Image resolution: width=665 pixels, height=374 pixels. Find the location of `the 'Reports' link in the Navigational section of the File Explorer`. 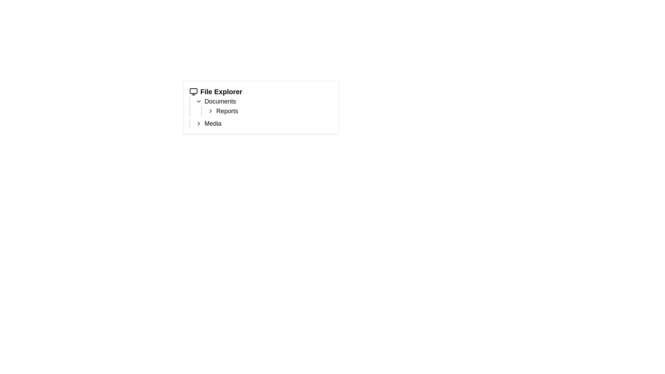

the 'Reports' link in the Navigational section of the File Explorer is located at coordinates (260, 112).